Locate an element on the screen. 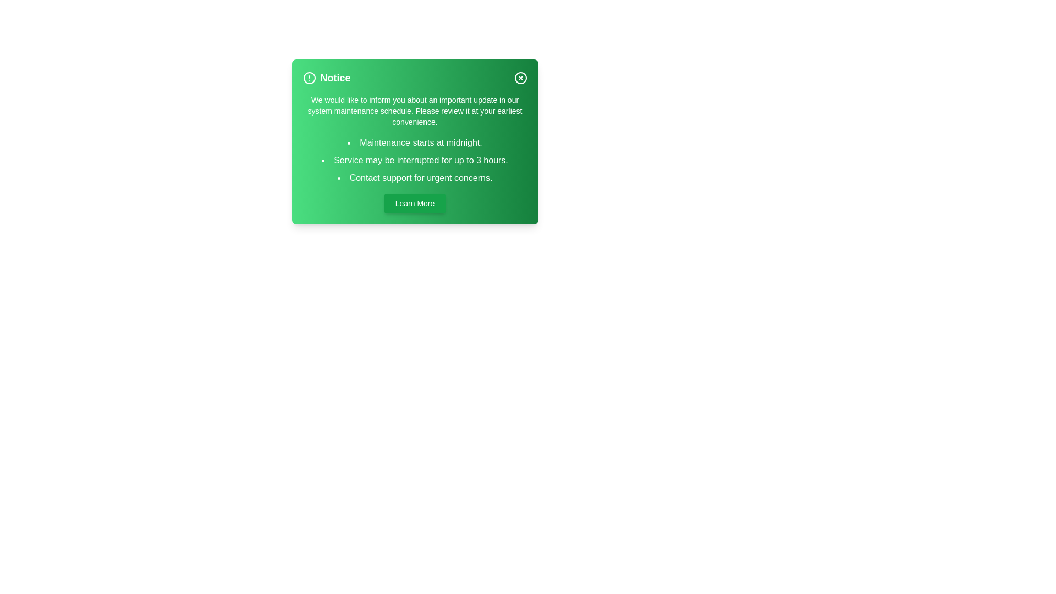 This screenshot has height=594, width=1056. the outermost circle of the close button icon located at the top-right corner of the green notification box is located at coordinates (520, 78).